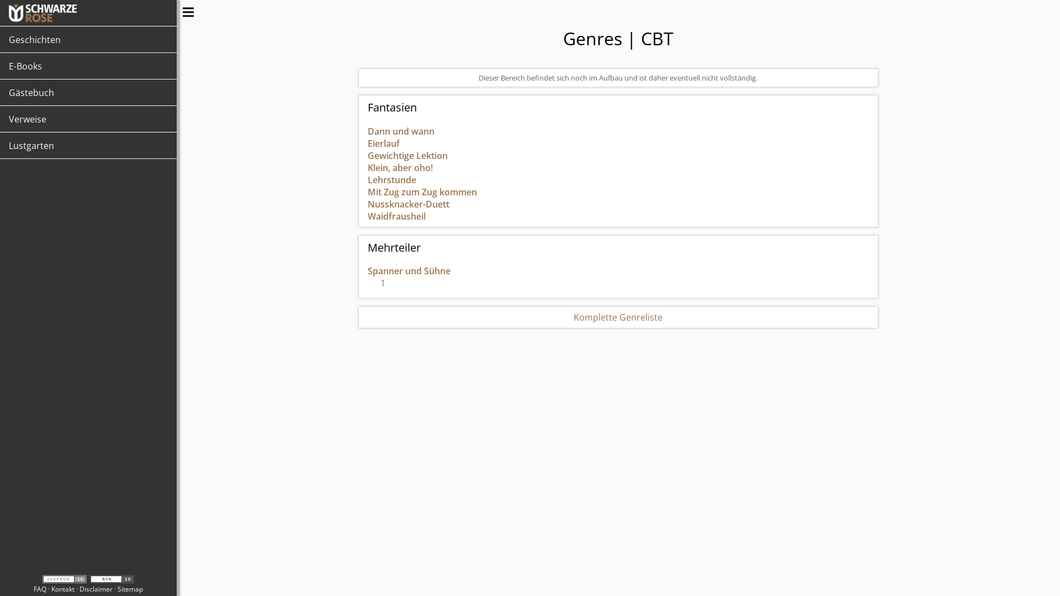 The height and width of the screenshot is (596, 1060). What do you see at coordinates (421, 191) in the screenshot?
I see `'Mit Zug zum Zug kommen'` at bounding box center [421, 191].